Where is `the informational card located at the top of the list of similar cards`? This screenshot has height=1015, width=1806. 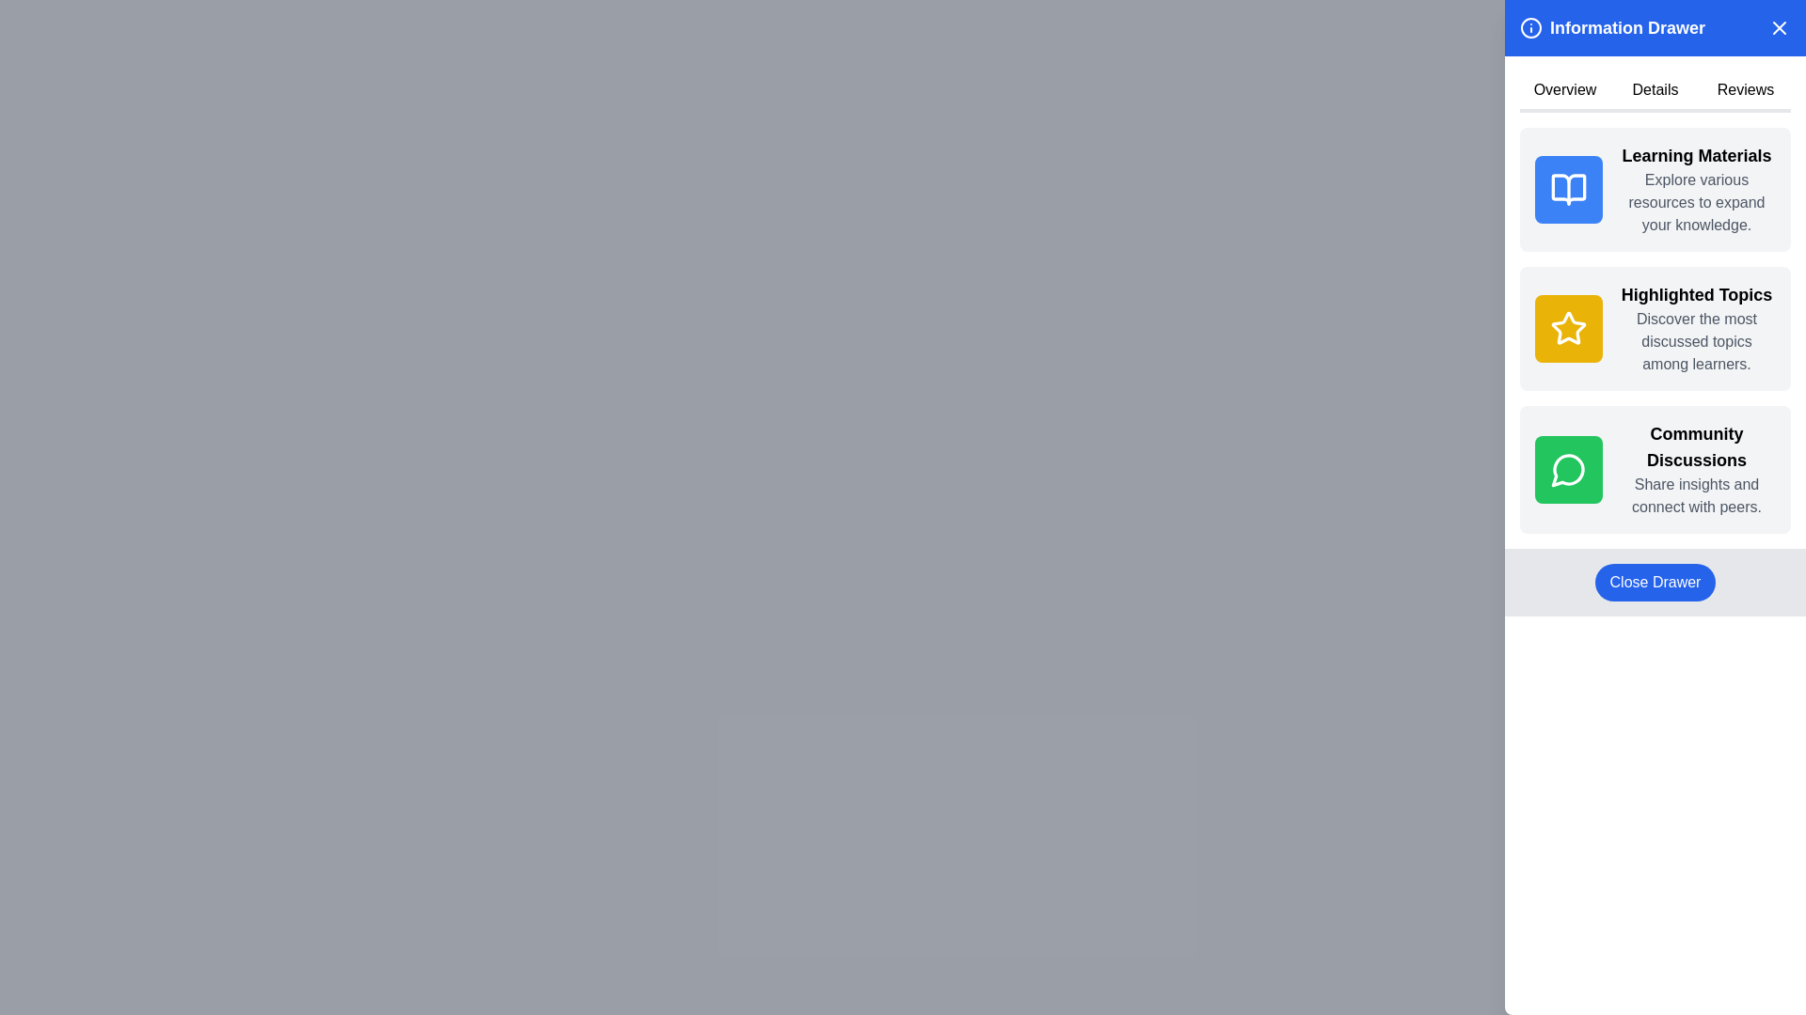
the informational card located at the top of the list of similar cards is located at coordinates (1697, 189).